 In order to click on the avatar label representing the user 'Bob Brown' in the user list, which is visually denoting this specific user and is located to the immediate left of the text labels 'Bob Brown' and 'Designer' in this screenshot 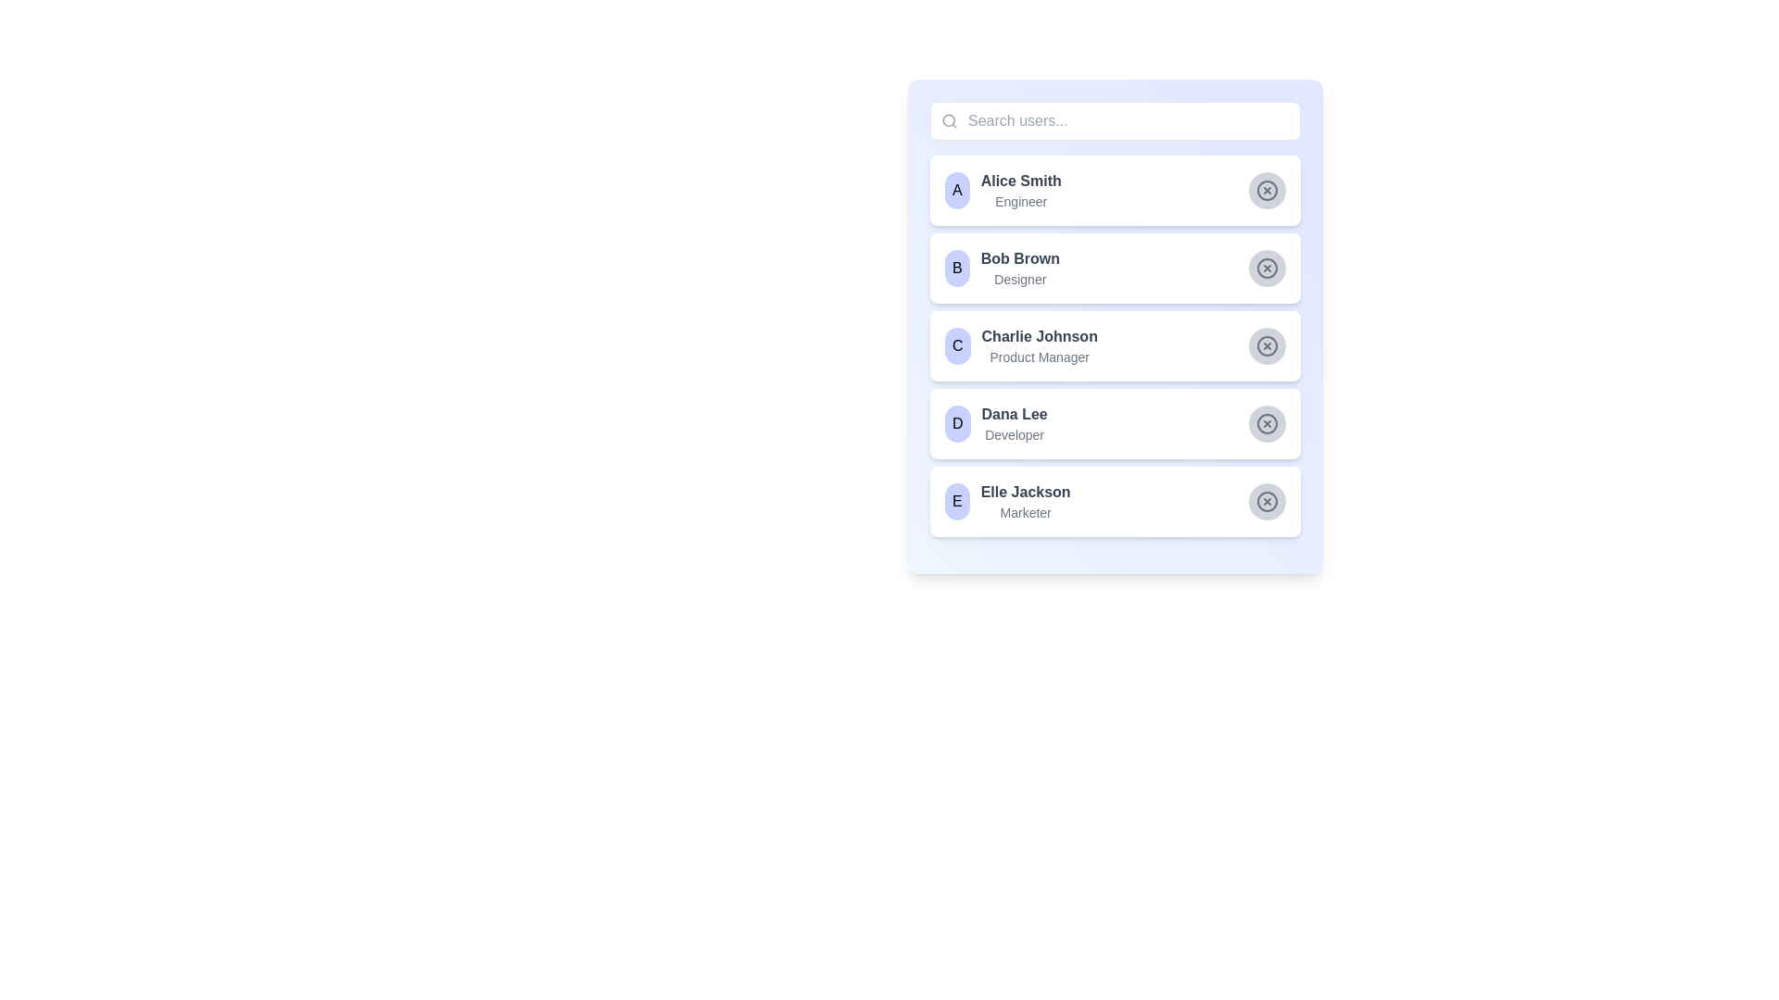, I will do `click(957, 268)`.